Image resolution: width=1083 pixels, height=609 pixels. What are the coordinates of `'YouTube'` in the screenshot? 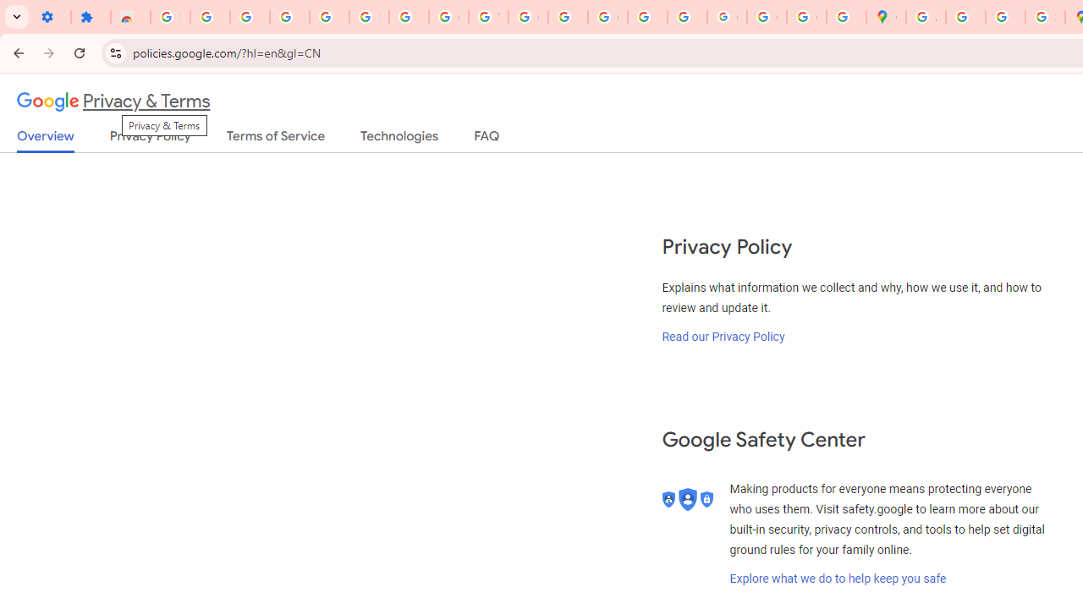 It's located at (487, 17).